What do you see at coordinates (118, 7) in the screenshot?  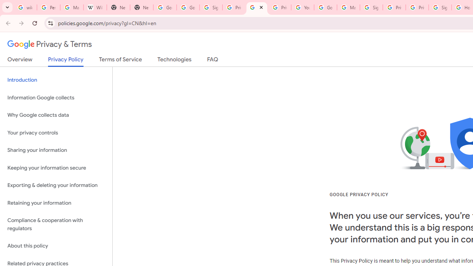 I see `'New Tab'` at bounding box center [118, 7].